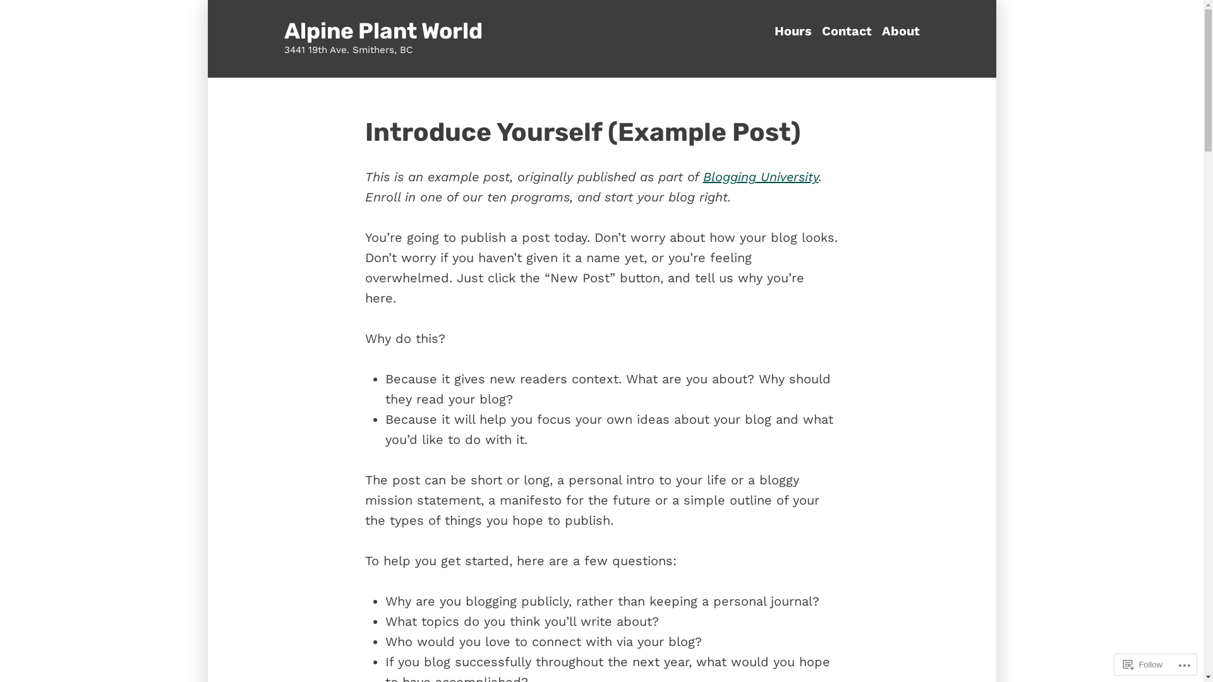 This screenshot has width=1213, height=682. Describe the element at coordinates (846, 30) in the screenshot. I see `'Contact'` at that location.